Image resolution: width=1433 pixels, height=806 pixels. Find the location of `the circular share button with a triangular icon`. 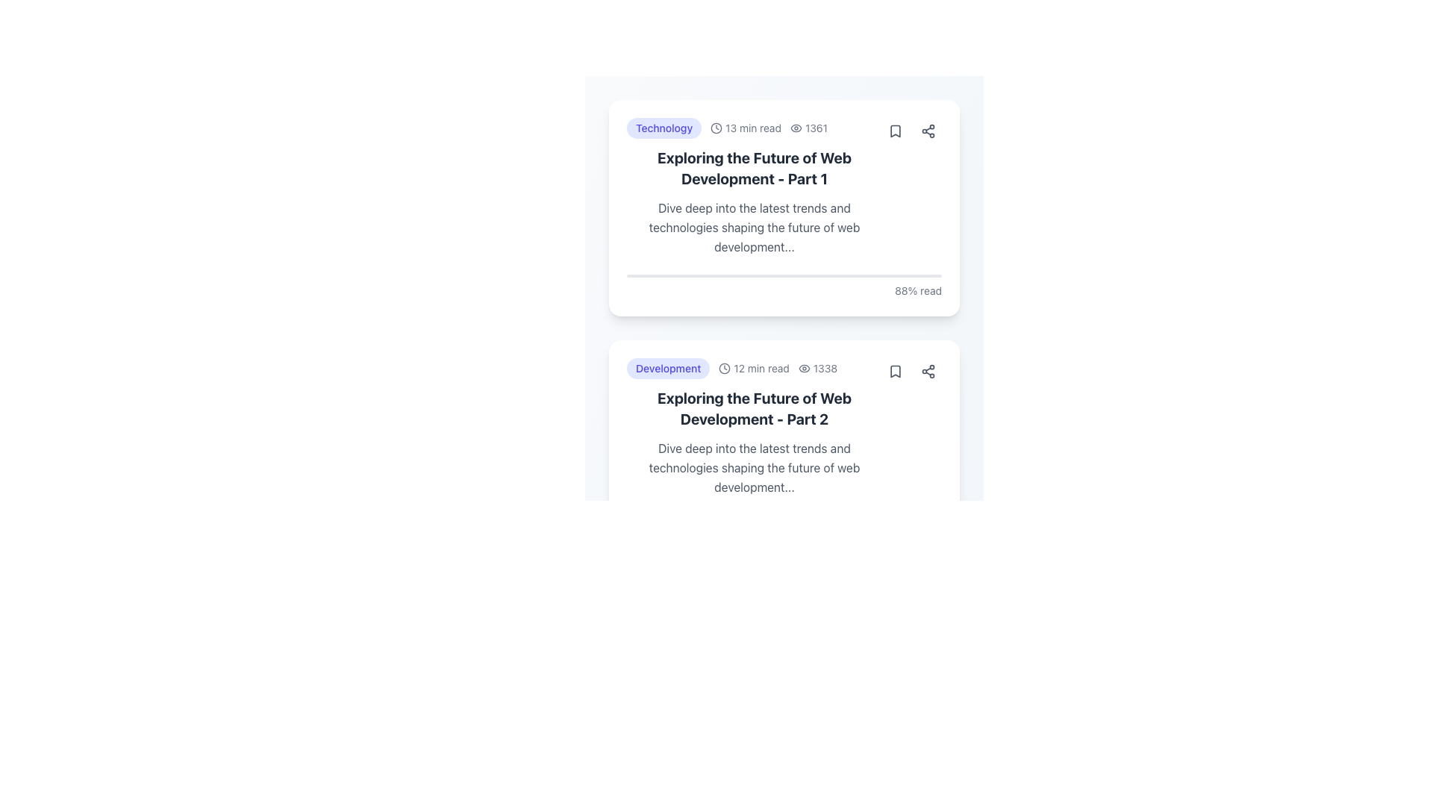

the circular share button with a triangular icon is located at coordinates (927, 370).